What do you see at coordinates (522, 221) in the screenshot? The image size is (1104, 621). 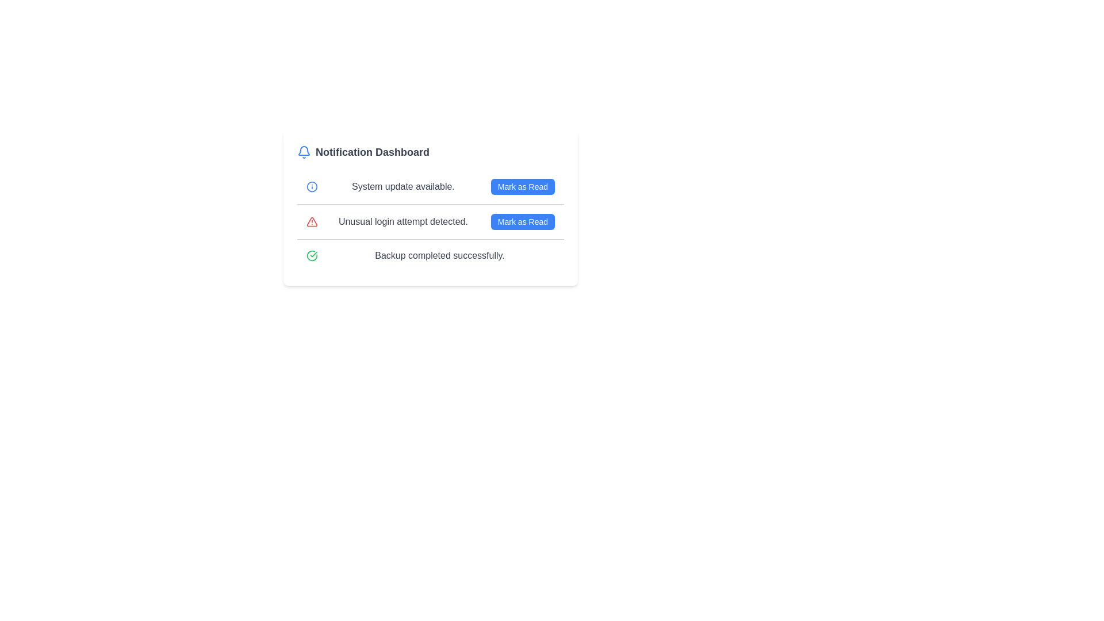 I see `the second 'Mark as Read' button associated with the notification 'Unusual login attempt detected.' to mark it as read` at bounding box center [522, 221].